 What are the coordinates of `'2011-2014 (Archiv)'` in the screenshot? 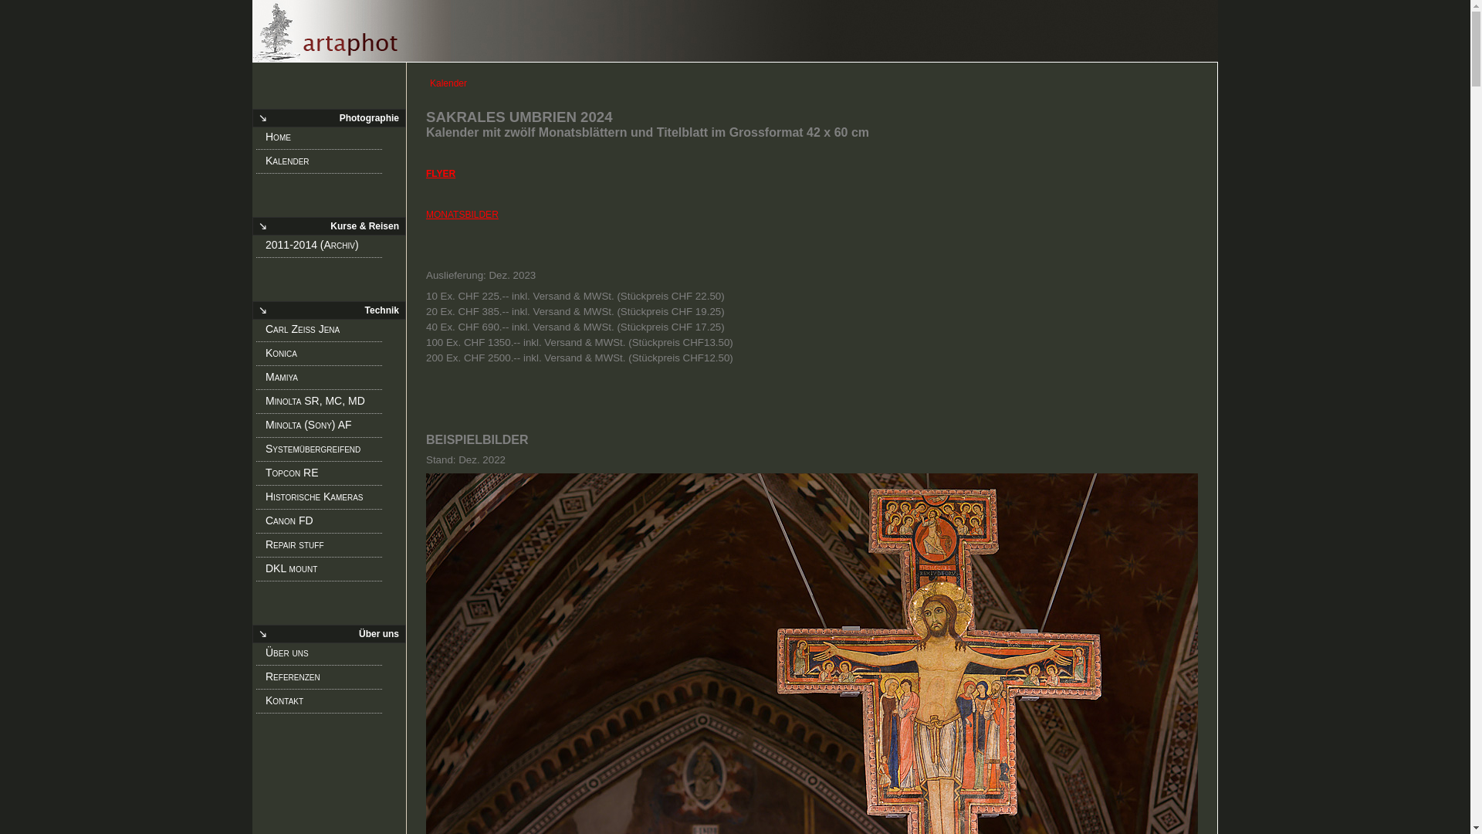 It's located at (323, 246).